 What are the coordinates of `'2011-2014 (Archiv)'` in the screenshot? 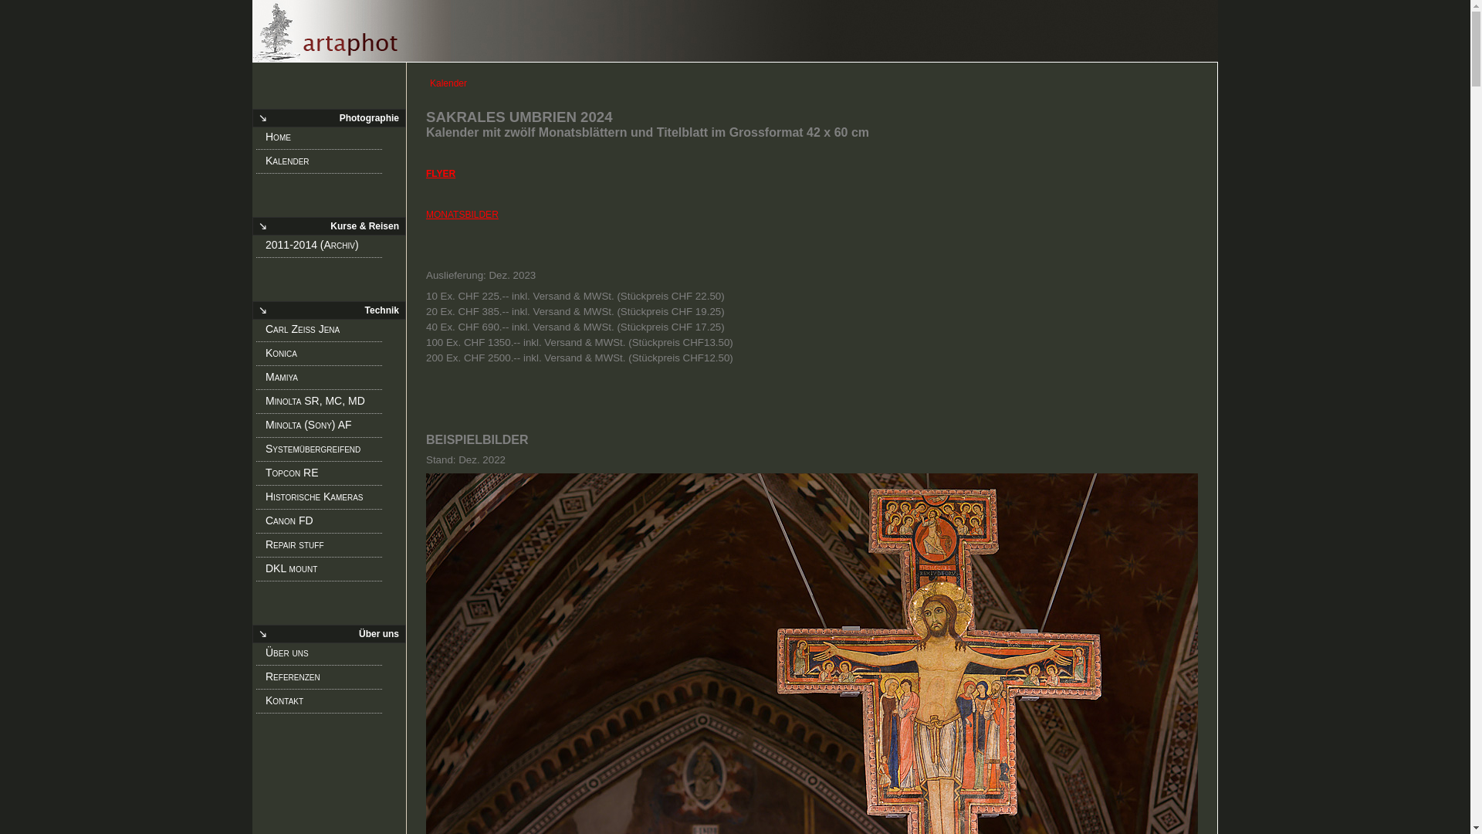 It's located at (323, 246).